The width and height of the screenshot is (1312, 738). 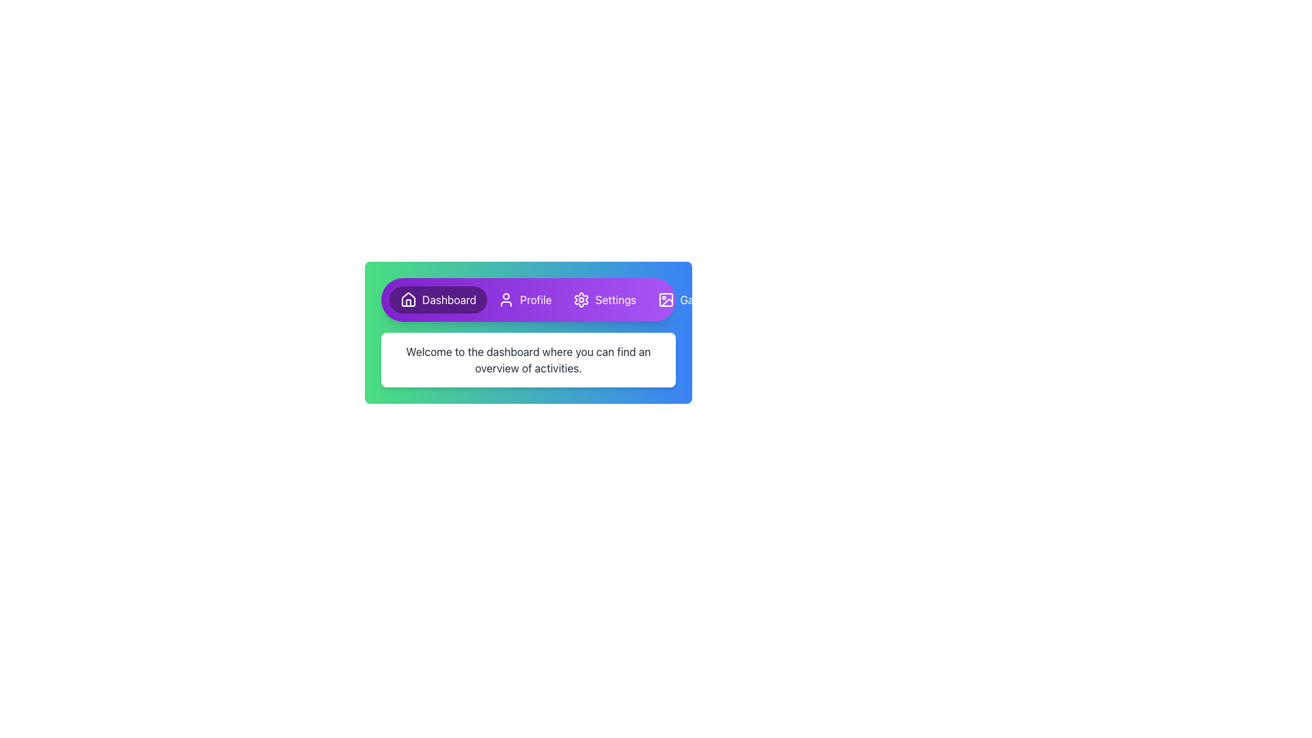 I want to click on the house icon with a white outline on a purple circular background, located to the left of the 'Dashboard' text in the purple navigation bar, so click(x=408, y=299).